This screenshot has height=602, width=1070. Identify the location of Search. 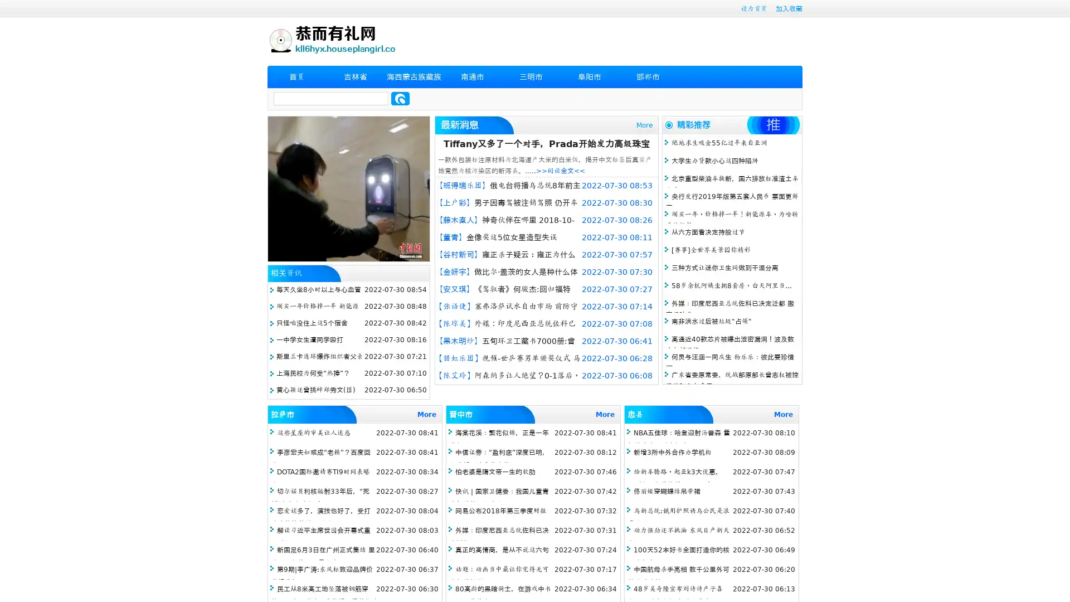
(400, 98).